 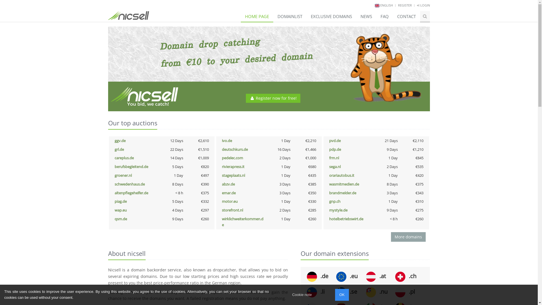 I want to click on 'ivo.de', so click(x=227, y=140).